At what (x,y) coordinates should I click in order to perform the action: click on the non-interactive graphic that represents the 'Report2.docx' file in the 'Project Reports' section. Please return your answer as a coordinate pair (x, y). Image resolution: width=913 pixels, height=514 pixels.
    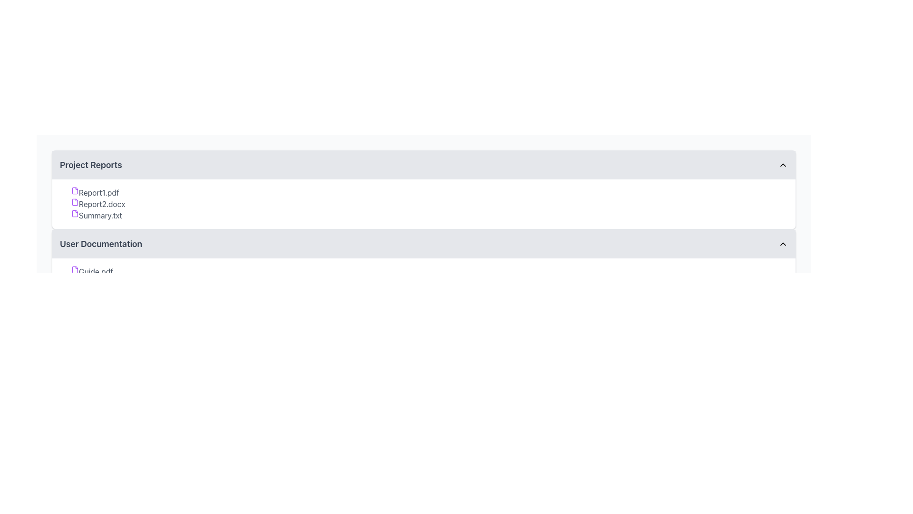
    Looking at the image, I should click on (75, 201).